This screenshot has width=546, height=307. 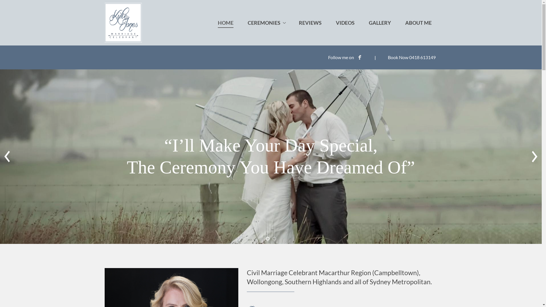 I want to click on 'REVIEWS', so click(x=309, y=22).